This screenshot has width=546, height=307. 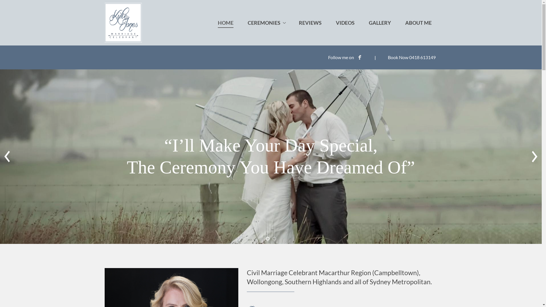 I want to click on 'REVIEWS', so click(x=309, y=22).